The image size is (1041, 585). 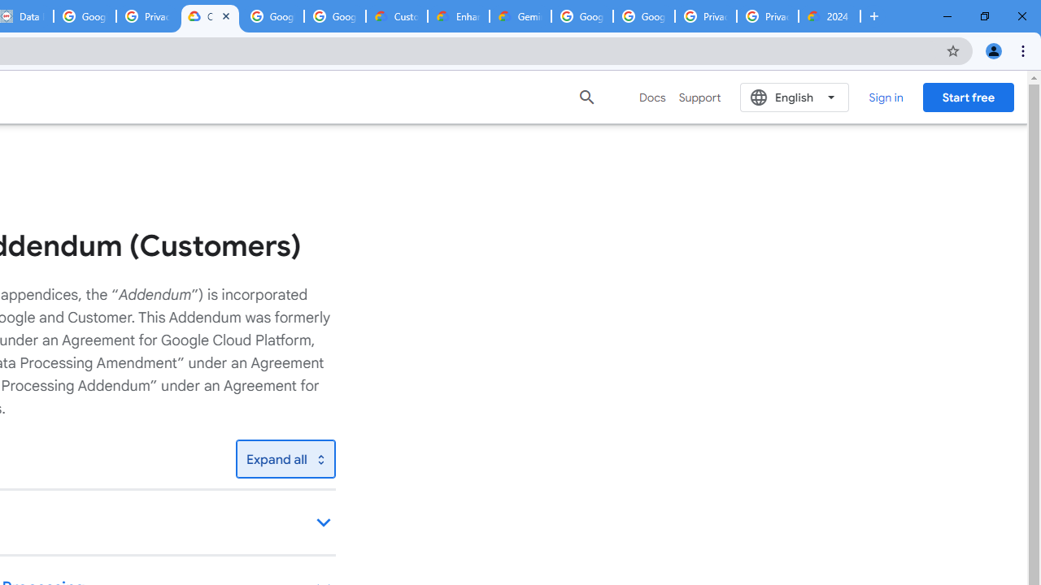 What do you see at coordinates (652, 97) in the screenshot?
I see `'Docs'` at bounding box center [652, 97].